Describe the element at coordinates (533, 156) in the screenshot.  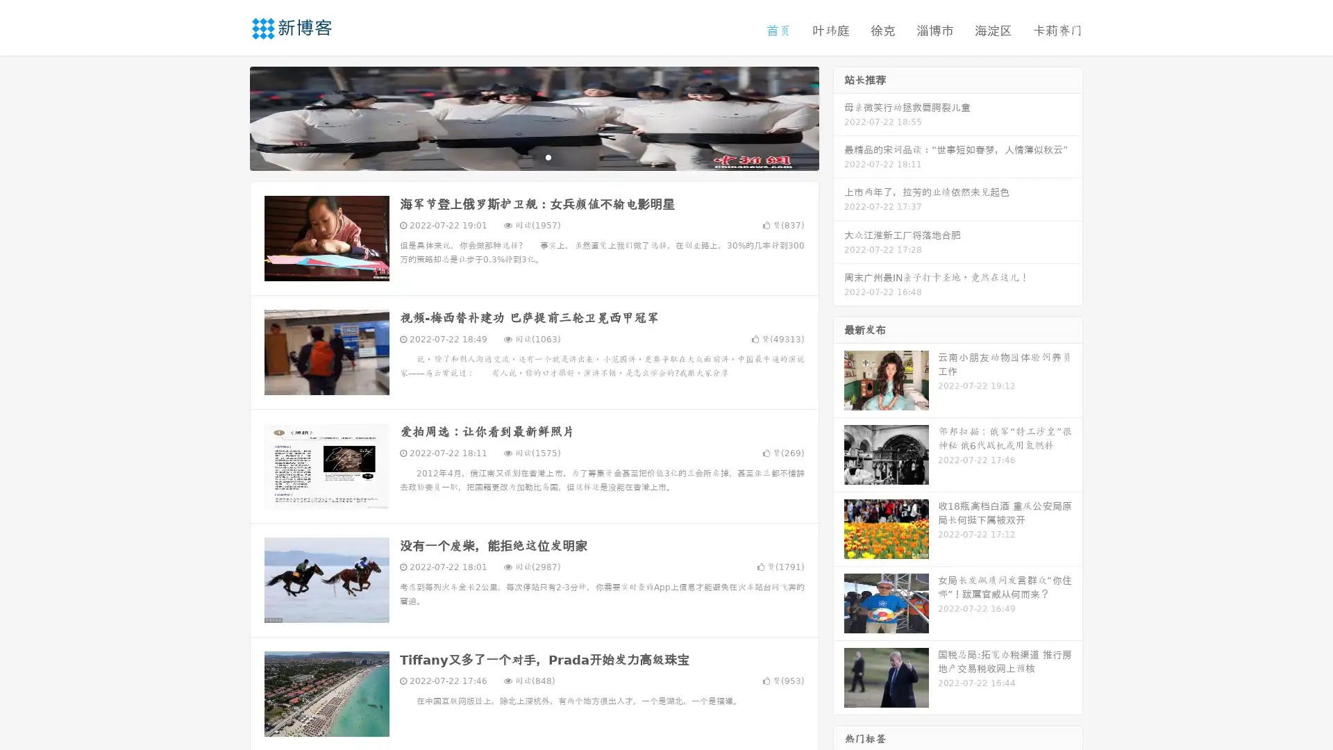
I see `Go to slide 2` at that location.